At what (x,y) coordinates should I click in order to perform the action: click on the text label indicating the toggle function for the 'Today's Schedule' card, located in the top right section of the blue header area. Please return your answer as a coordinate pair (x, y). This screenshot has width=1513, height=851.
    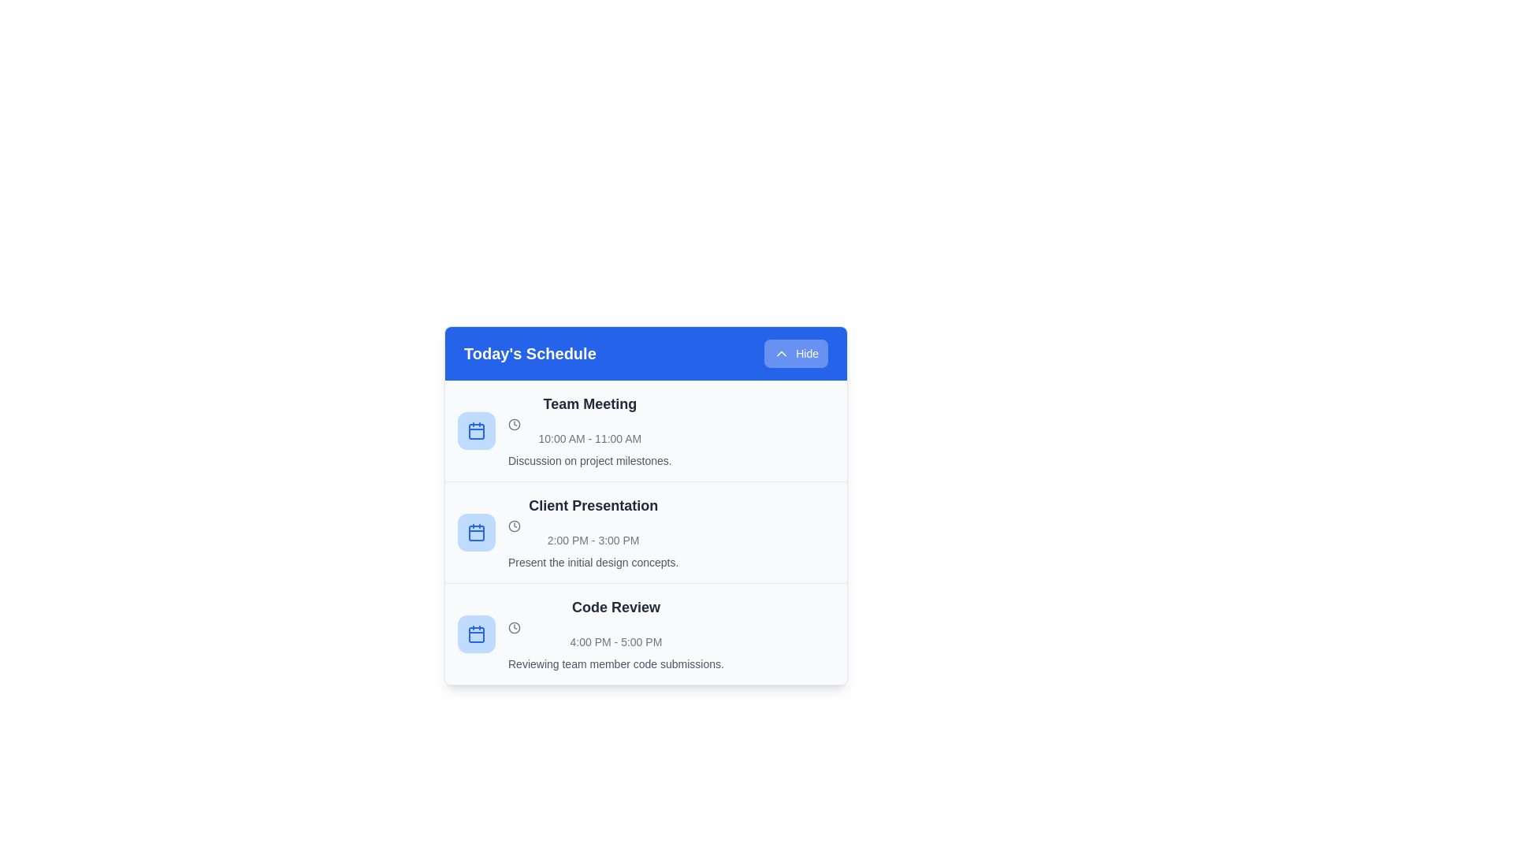
    Looking at the image, I should click on (807, 352).